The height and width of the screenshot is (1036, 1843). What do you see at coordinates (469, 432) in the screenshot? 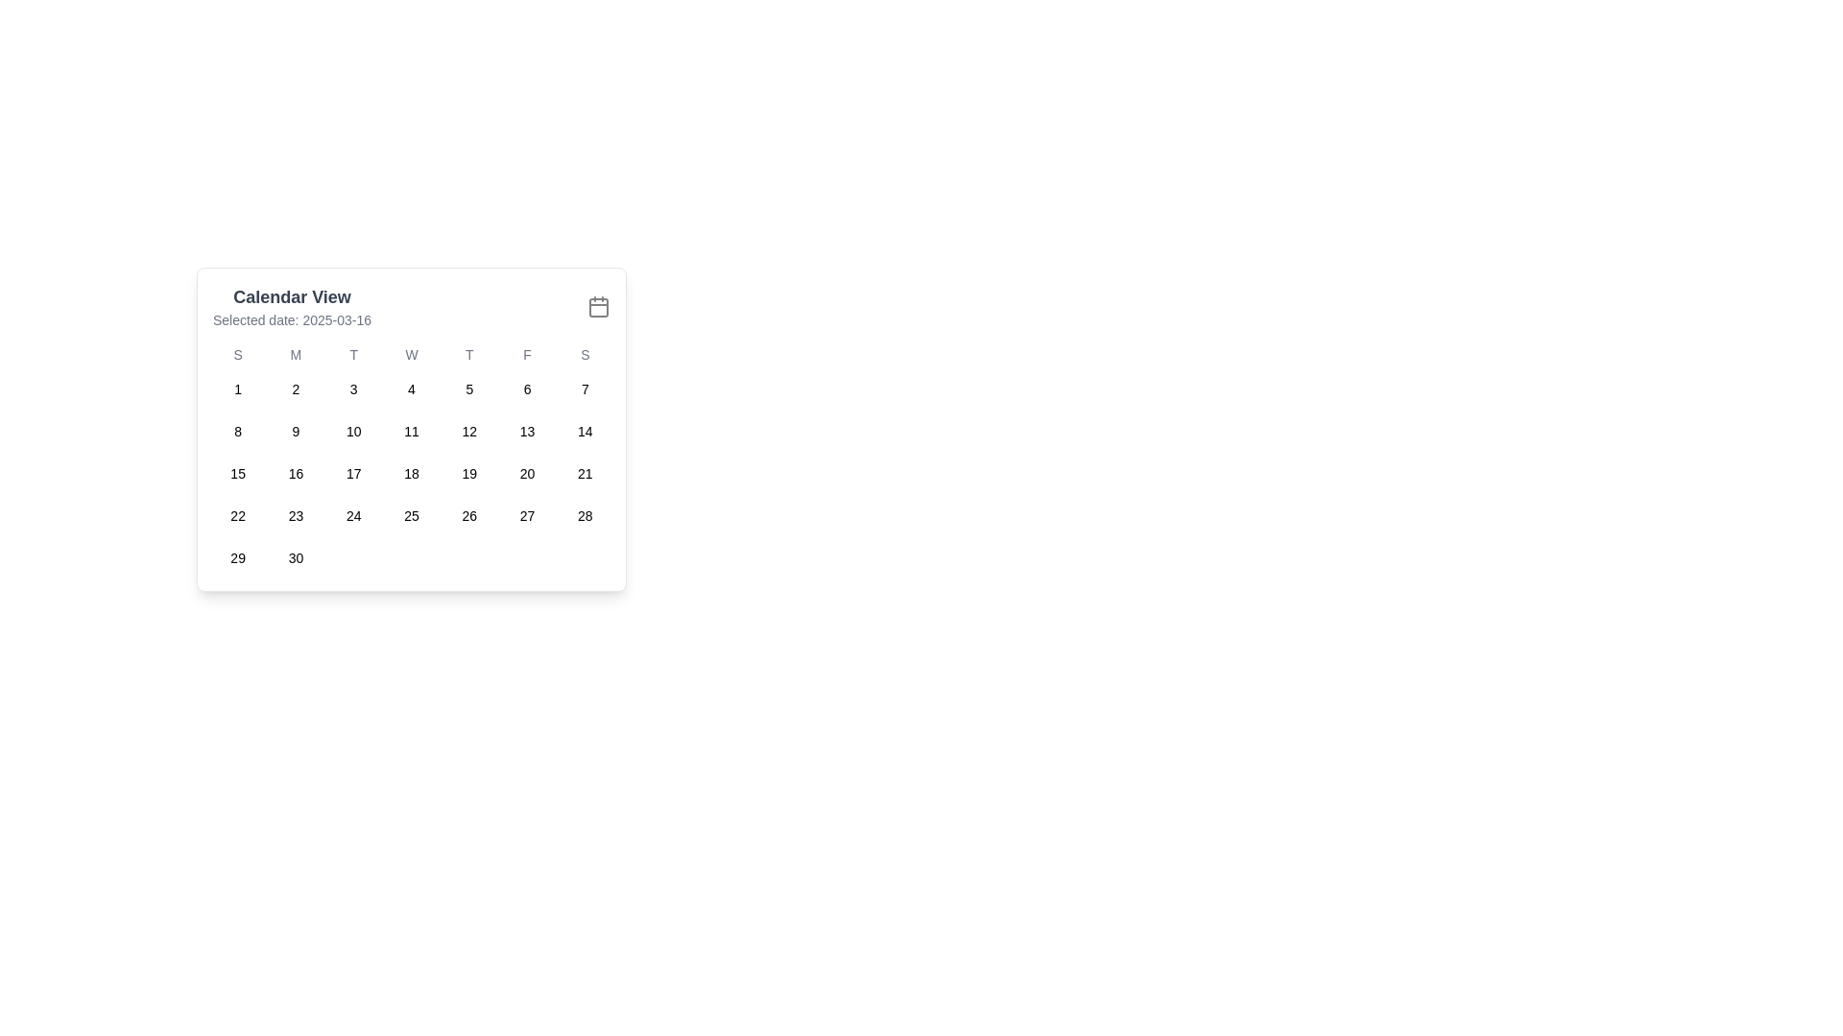
I see `the calendar date cell displaying the number '12'` at bounding box center [469, 432].